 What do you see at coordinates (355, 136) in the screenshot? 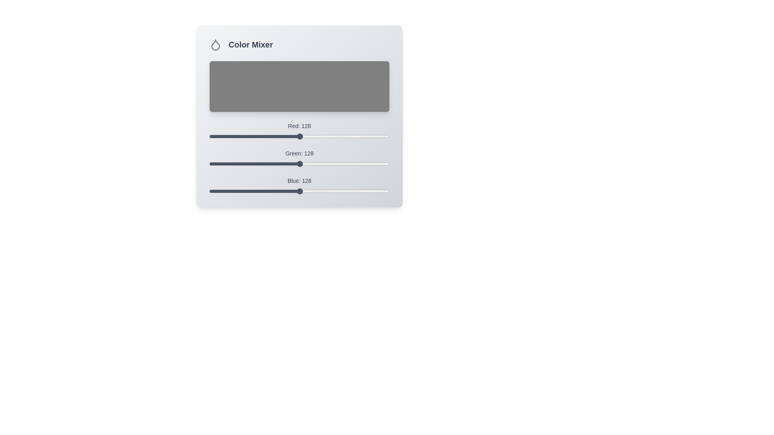
I see `the red color slider to set the red value to 207` at bounding box center [355, 136].